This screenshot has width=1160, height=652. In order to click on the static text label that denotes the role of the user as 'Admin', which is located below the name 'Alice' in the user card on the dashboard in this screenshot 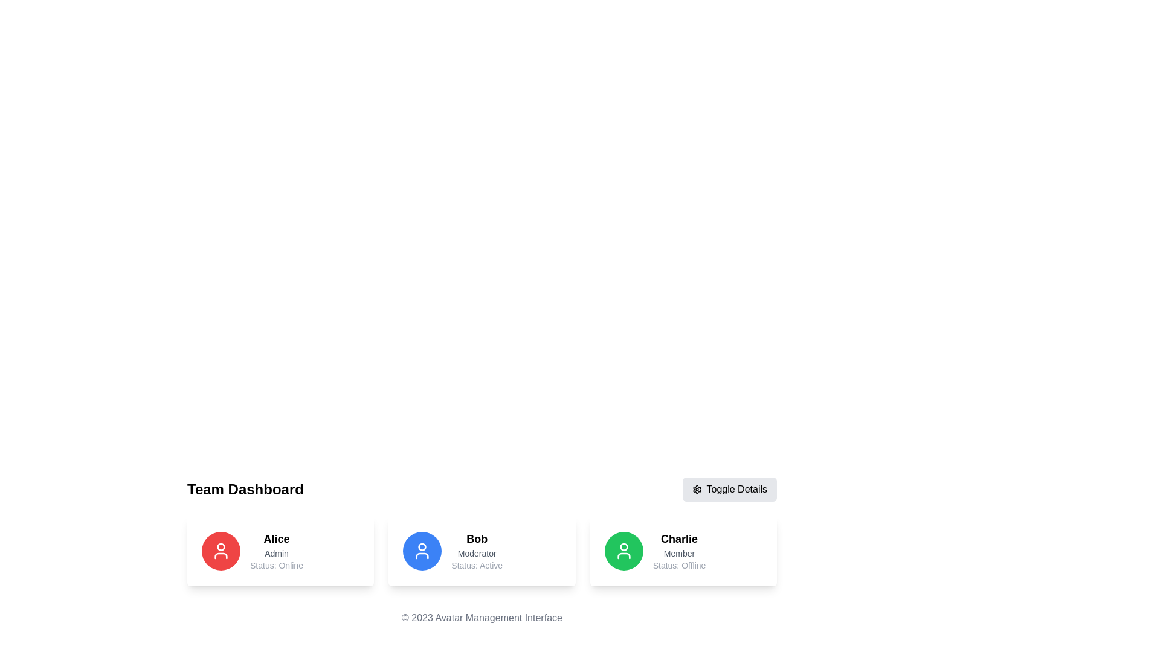, I will do `click(275, 554)`.